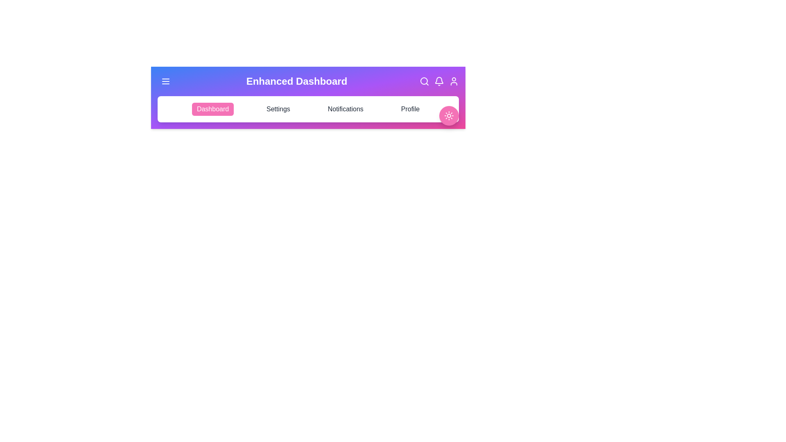  What do you see at coordinates (346, 108) in the screenshot?
I see `the tab named Notifications in the navigation bar` at bounding box center [346, 108].